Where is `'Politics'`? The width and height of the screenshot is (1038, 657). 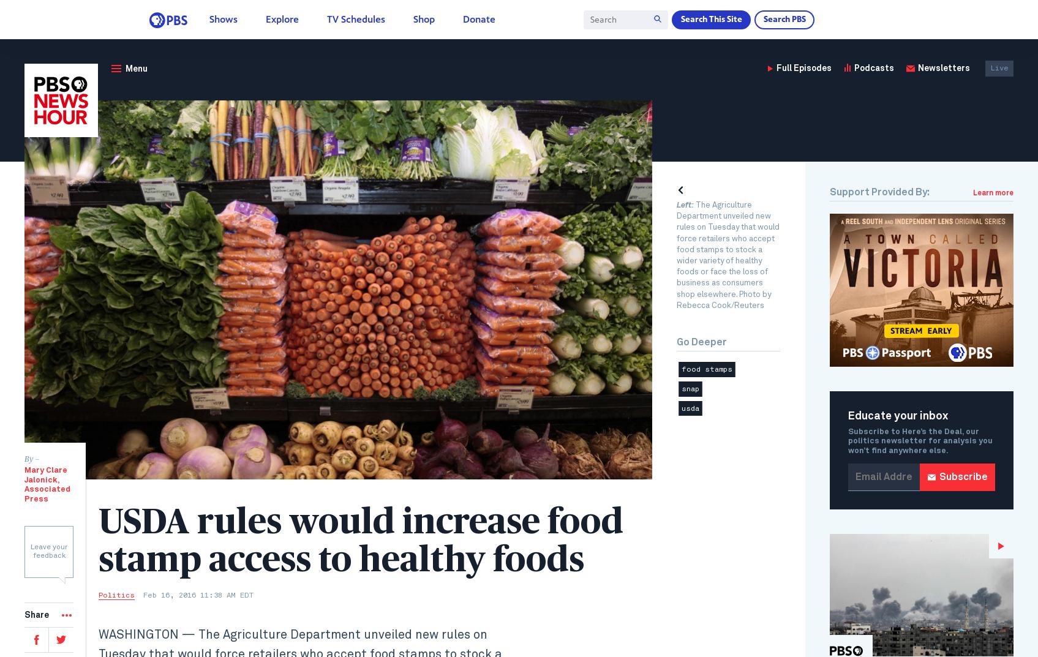 'Politics' is located at coordinates (99, 595).